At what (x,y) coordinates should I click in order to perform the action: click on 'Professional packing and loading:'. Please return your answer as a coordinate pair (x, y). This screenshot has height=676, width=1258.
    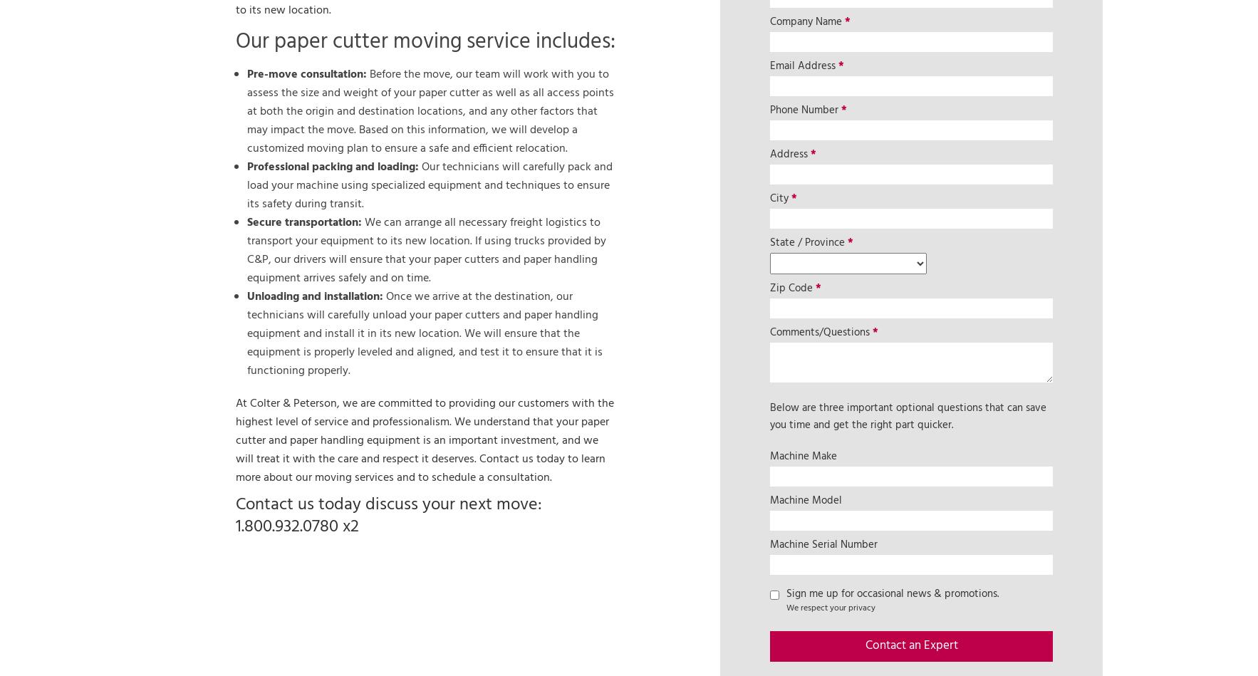
    Looking at the image, I should click on (333, 166).